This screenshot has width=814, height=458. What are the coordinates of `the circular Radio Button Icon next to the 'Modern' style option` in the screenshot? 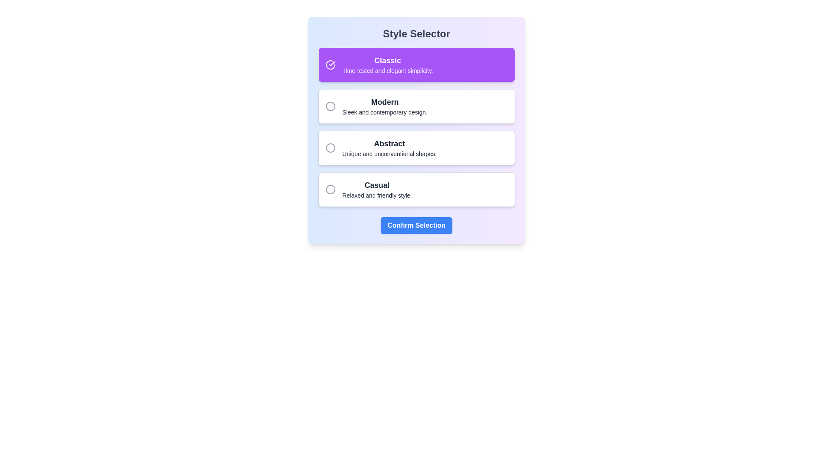 It's located at (330, 106).